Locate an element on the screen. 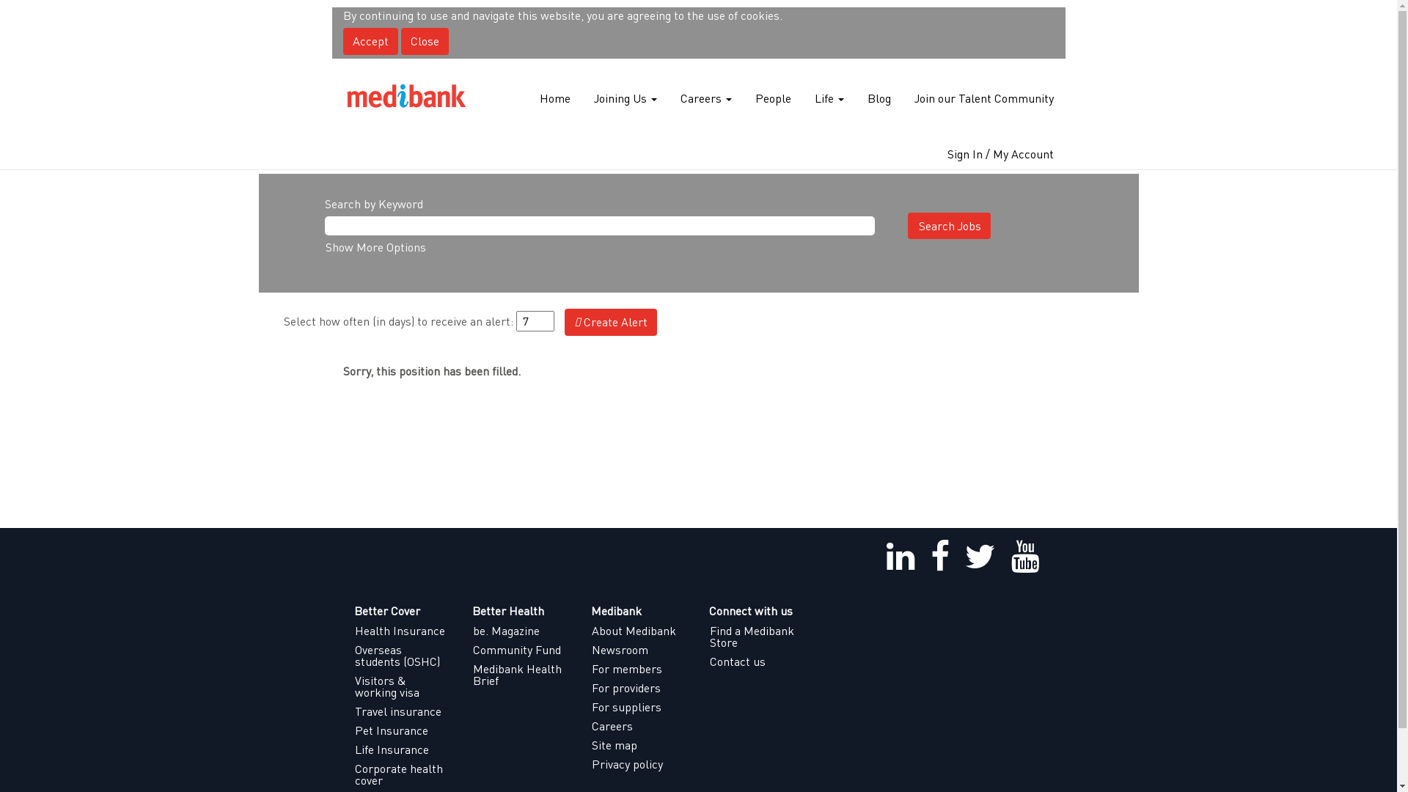 The height and width of the screenshot is (792, 1408). 'Careers' is located at coordinates (639, 726).